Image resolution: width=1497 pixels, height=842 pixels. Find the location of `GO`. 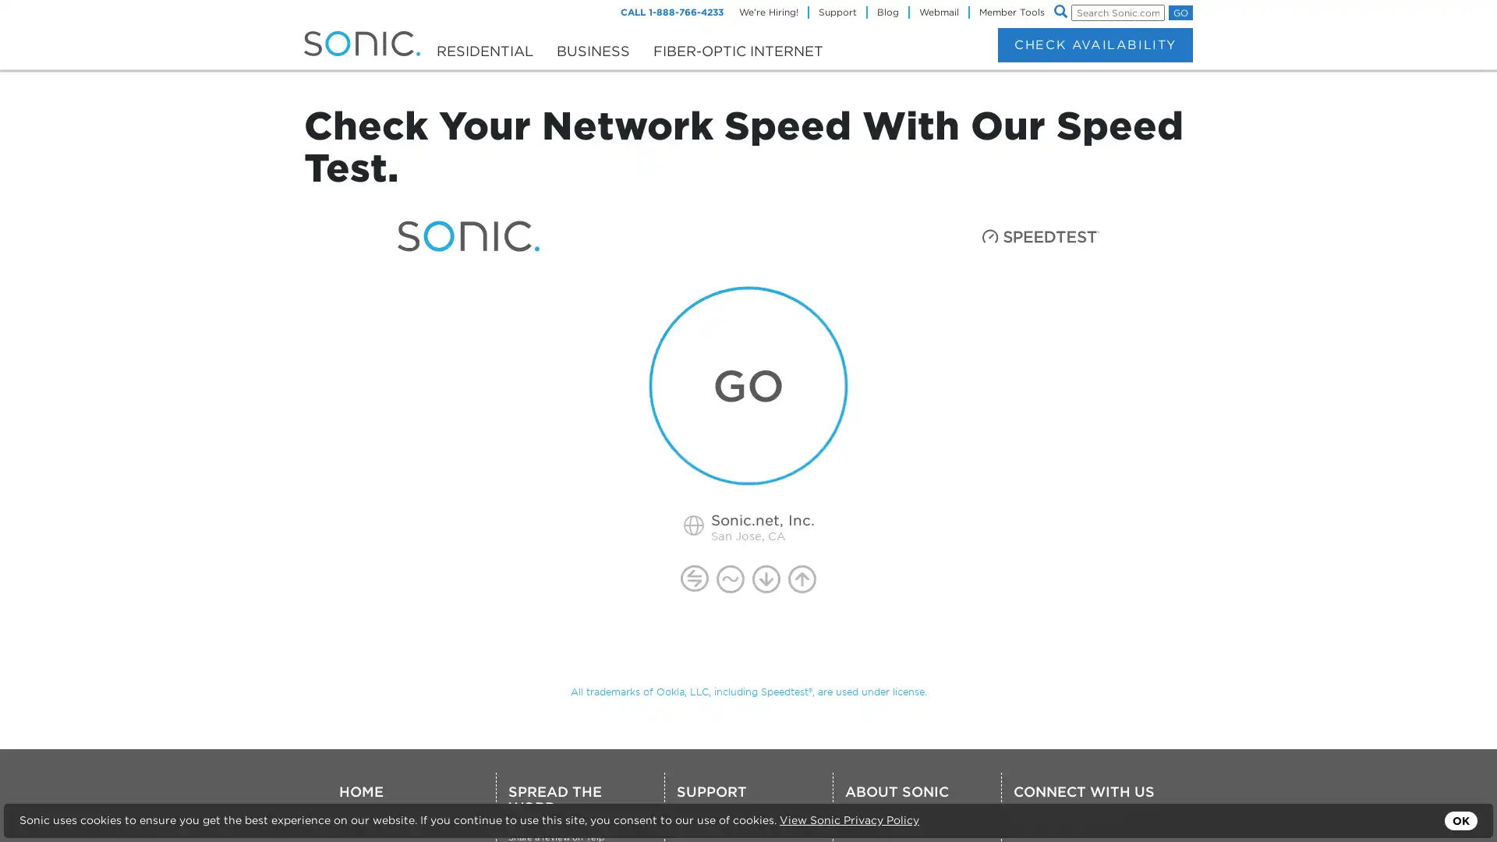

GO is located at coordinates (1180, 12).